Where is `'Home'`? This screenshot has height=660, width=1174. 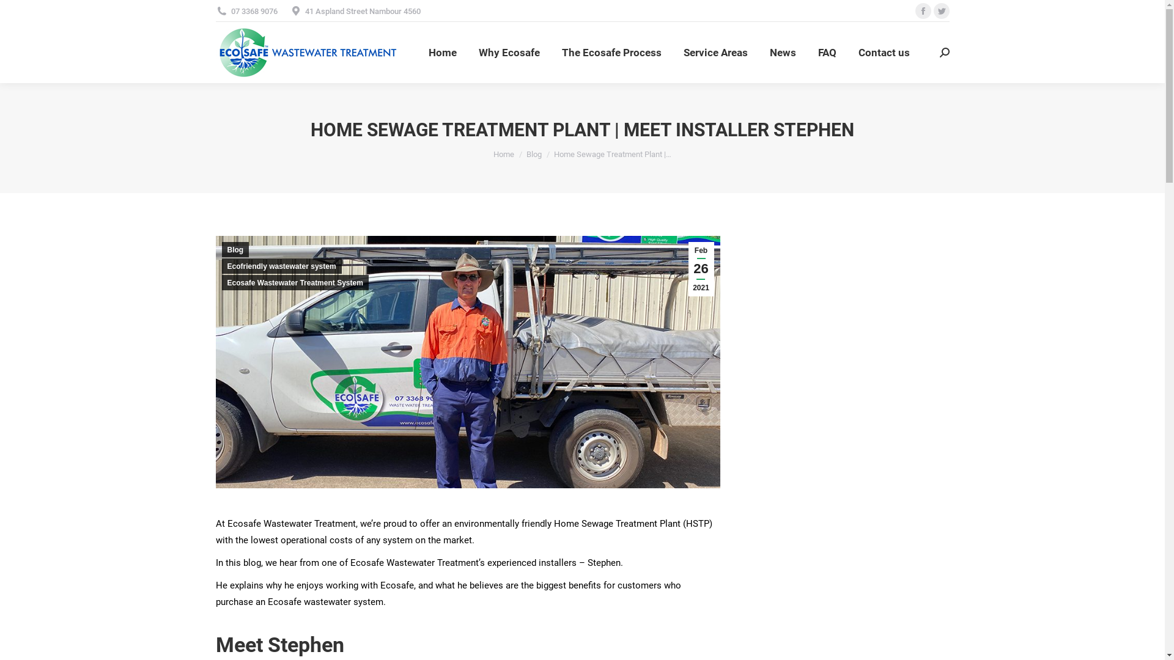
'Home' is located at coordinates (493, 153).